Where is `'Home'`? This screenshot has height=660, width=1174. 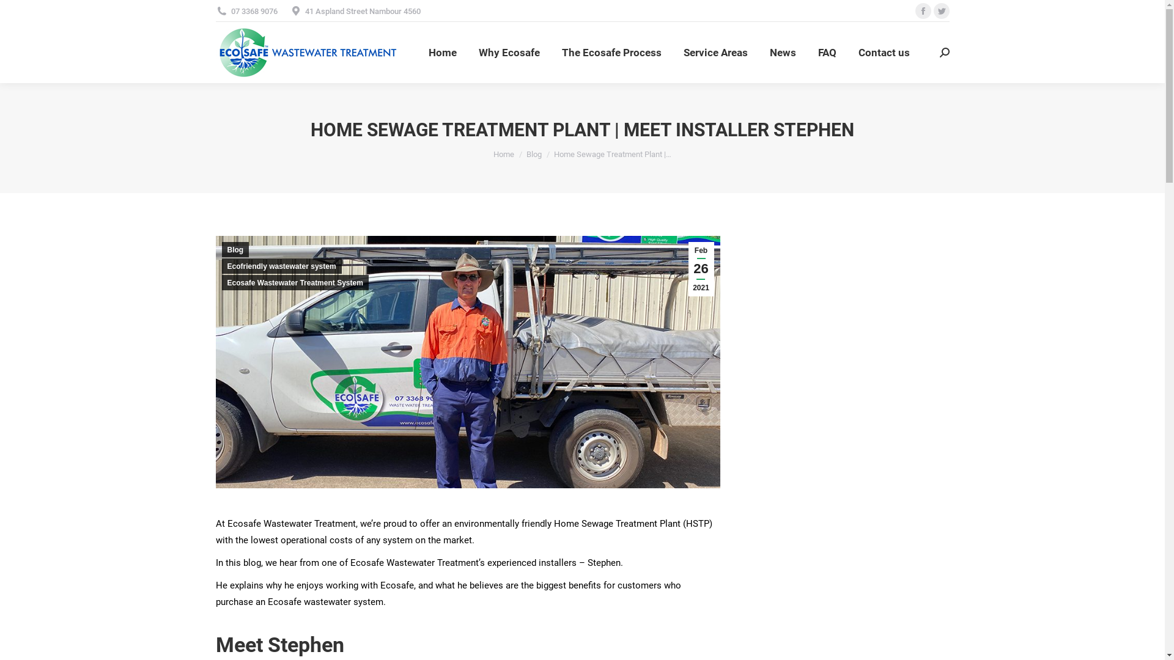
'Home' is located at coordinates (493, 153).